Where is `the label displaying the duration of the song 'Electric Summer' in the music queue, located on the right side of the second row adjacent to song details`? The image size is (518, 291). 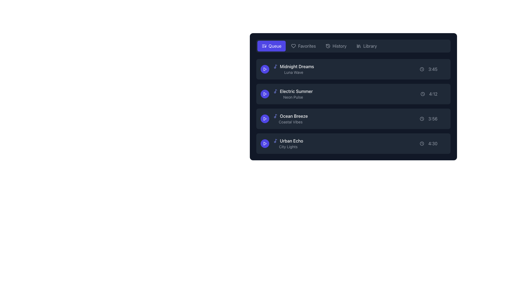
the label displaying the duration of the song 'Electric Summer' in the music queue, located on the right side of the second row adjacent to song details is located at coordinates (433, 93).